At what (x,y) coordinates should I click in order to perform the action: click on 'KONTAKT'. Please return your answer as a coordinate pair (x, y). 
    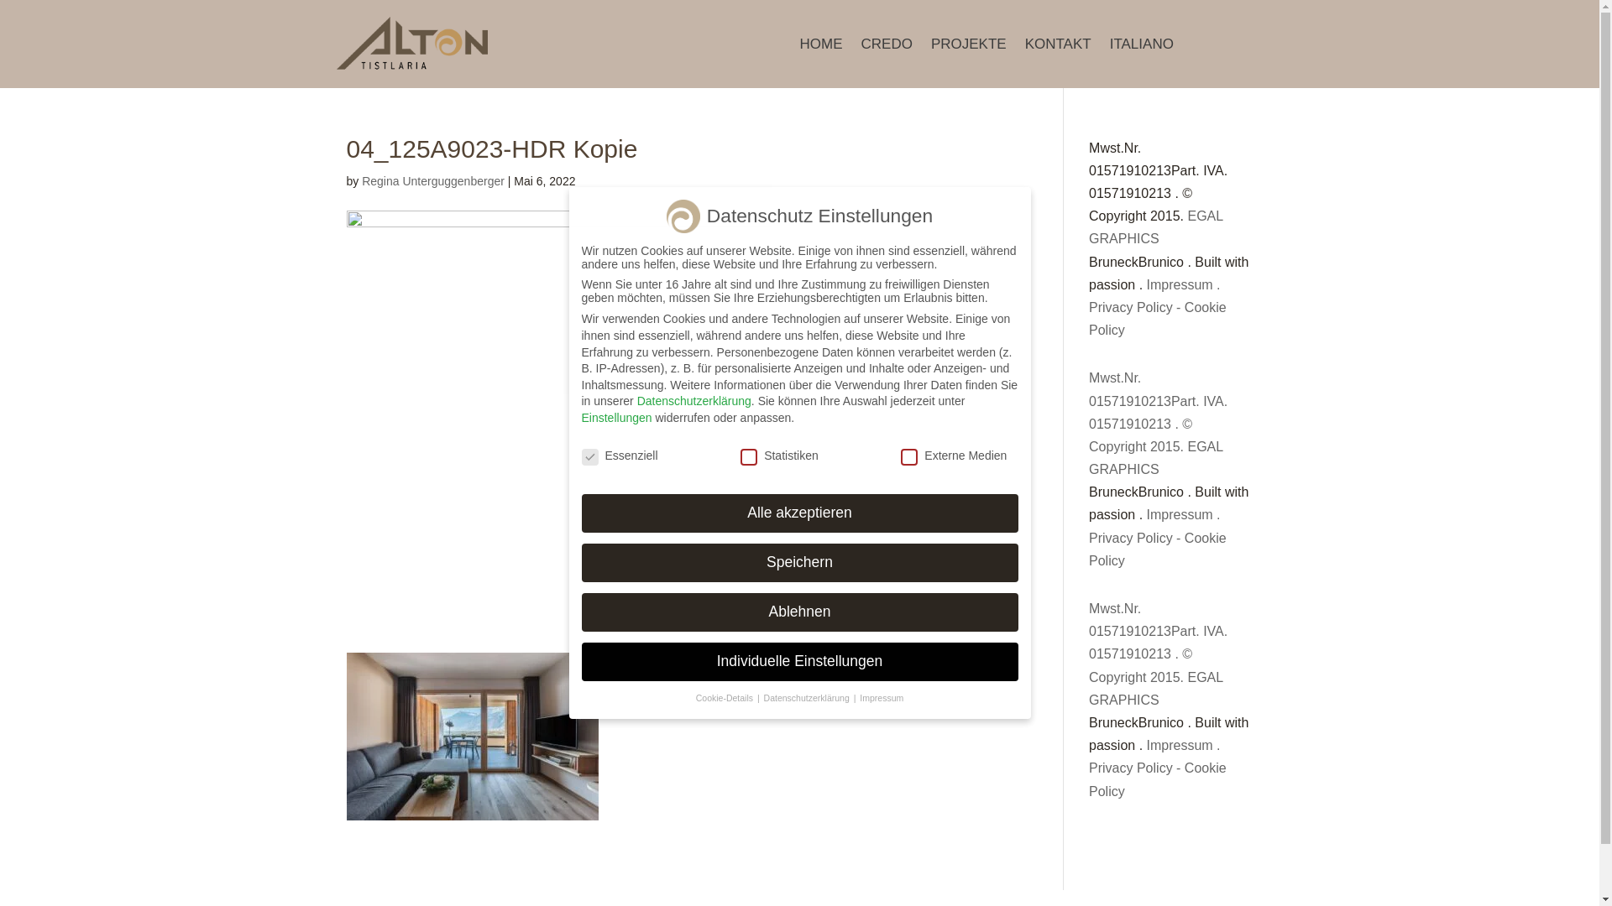
    Looking at the image, I should click on (1057, 47).